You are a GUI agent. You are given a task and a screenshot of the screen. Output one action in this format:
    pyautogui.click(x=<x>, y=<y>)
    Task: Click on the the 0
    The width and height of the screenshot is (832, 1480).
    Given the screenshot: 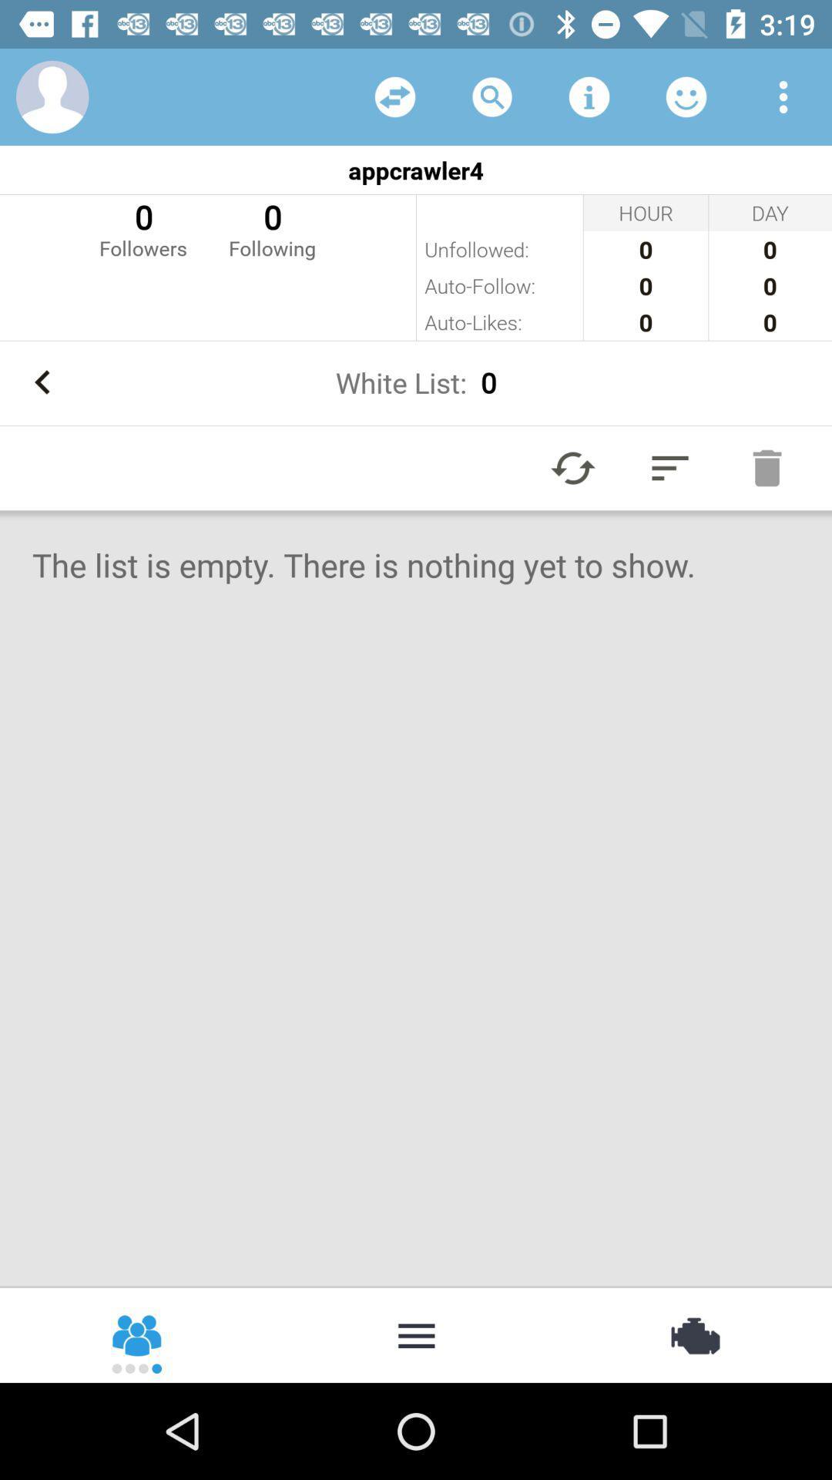 What is the action you would take?
    pyautogui.click(x=271, y=227)
    